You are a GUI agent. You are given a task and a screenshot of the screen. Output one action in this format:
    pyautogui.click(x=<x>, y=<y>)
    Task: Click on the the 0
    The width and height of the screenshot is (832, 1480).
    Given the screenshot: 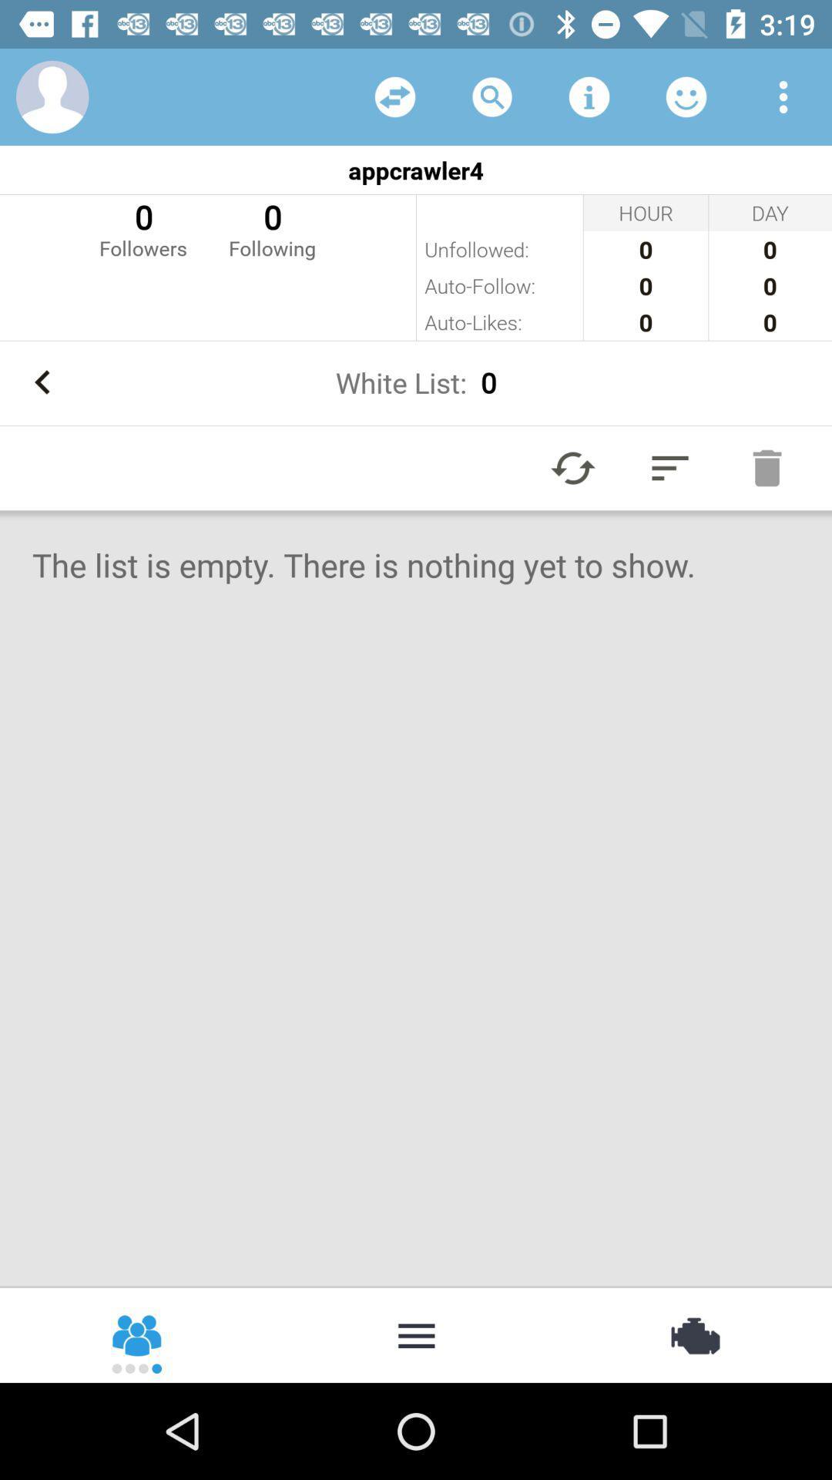 What is the action you would take?
    pyautogui.click(x=271, y=227)
    